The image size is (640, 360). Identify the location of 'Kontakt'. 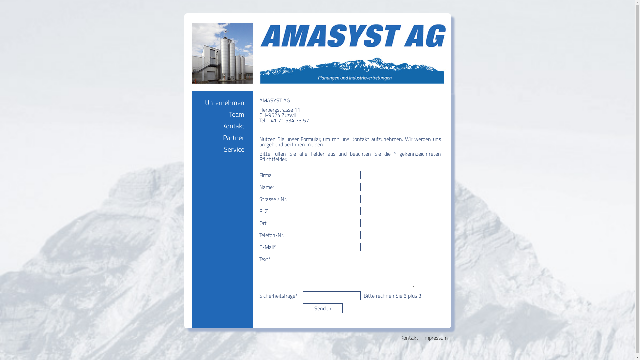
(409, 338).